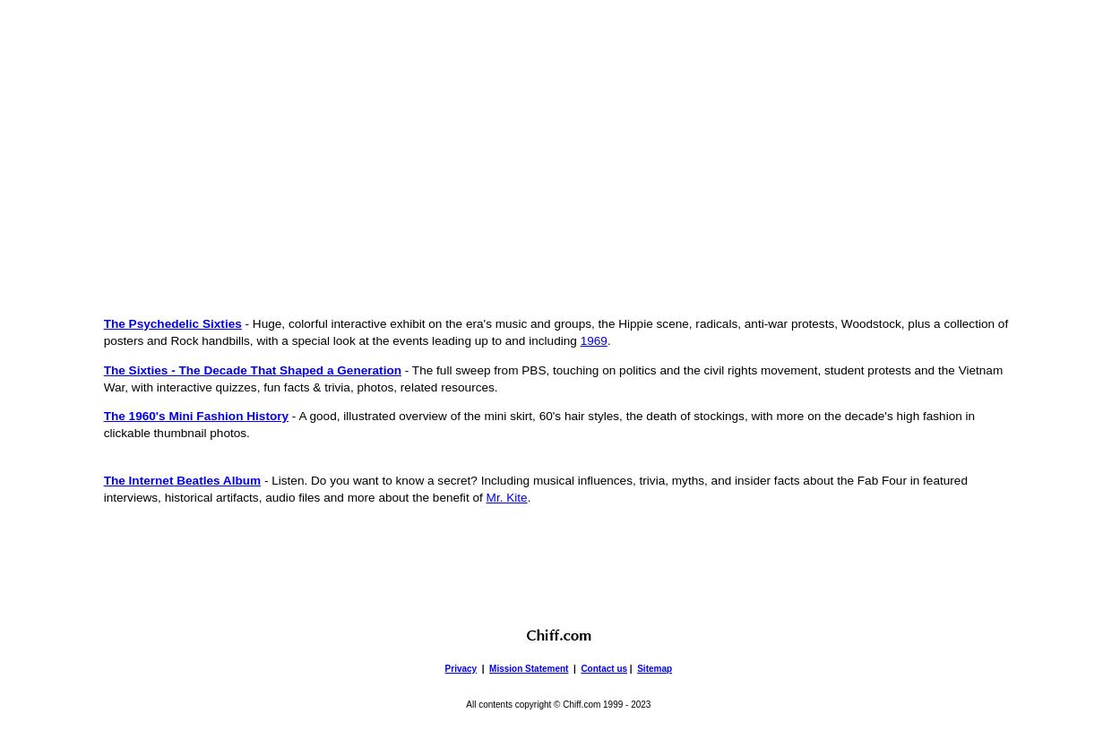 The height and width of the screenshot is (748, 1120). Describe the element at coordinates (252, 369) in the screenshot. I see `'The 
                Sixties - The Decade That Shaped a Generation'` at that location.